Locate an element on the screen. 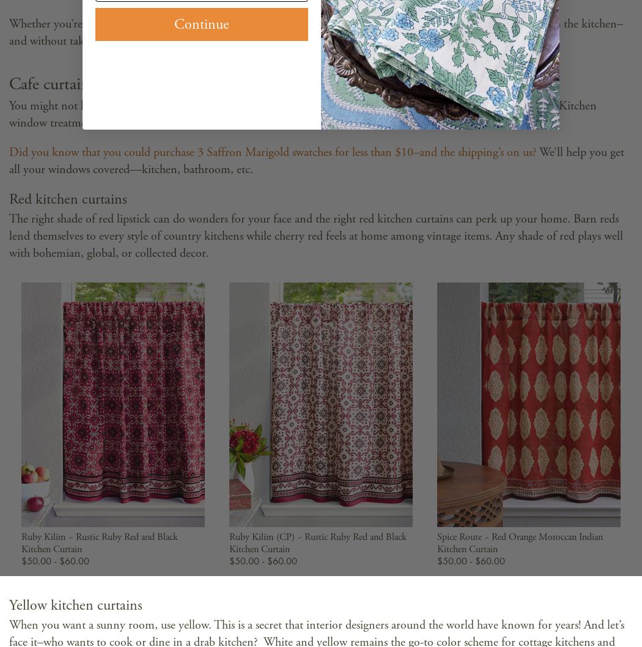 The width and height of the screenshot is (642, 647). 'The right shade of red lipstick can do wonders for your face and the right red kitchen curtains can perk up your home. Barn reds lend themselves to every style of country kitchens while cherry red feels at home among vintage items. Any shade of red plays well with bohemian, global, or collected decor.' is located at coordinates (315, 235).